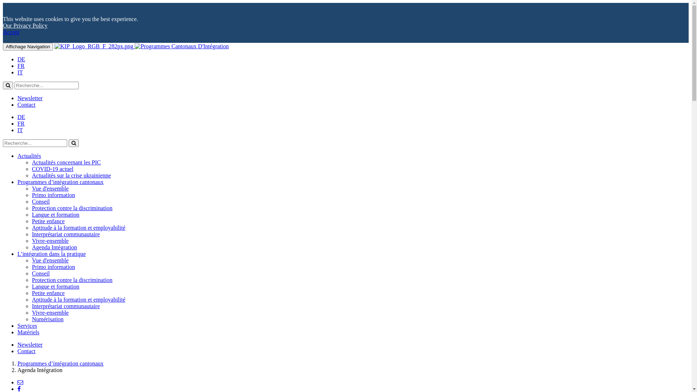 This screenshot has width=697, height=392. I want to click on 'Protection contre la discrimination', so click(31, 279).